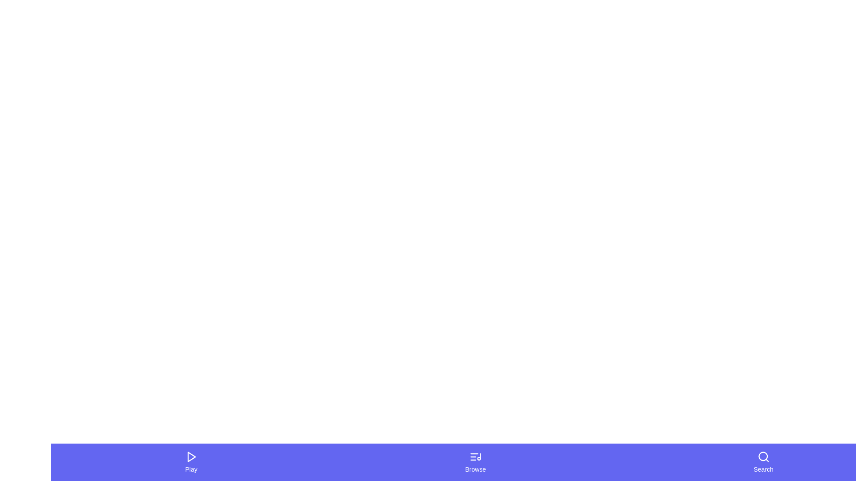  I want to click on the Play tab to activate it, so click(190, 461).